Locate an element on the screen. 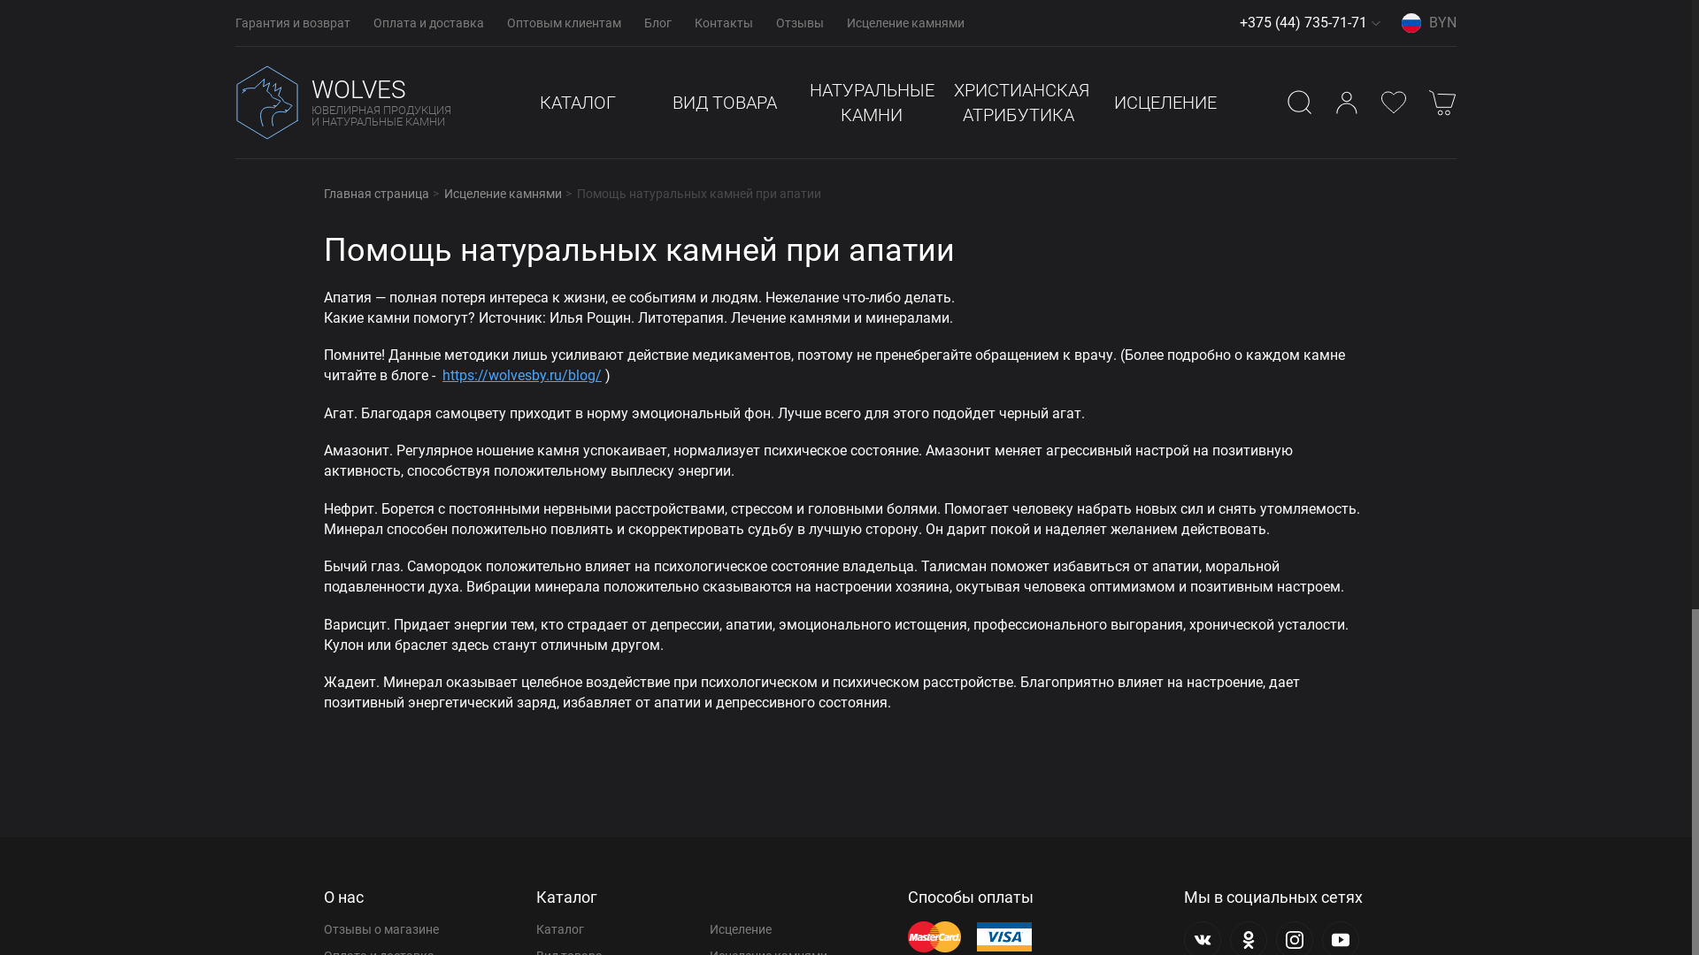 Image resolution: width=1699 pixels, height=955 pixels. 'BYN' is located at coordinates (1428, 22).